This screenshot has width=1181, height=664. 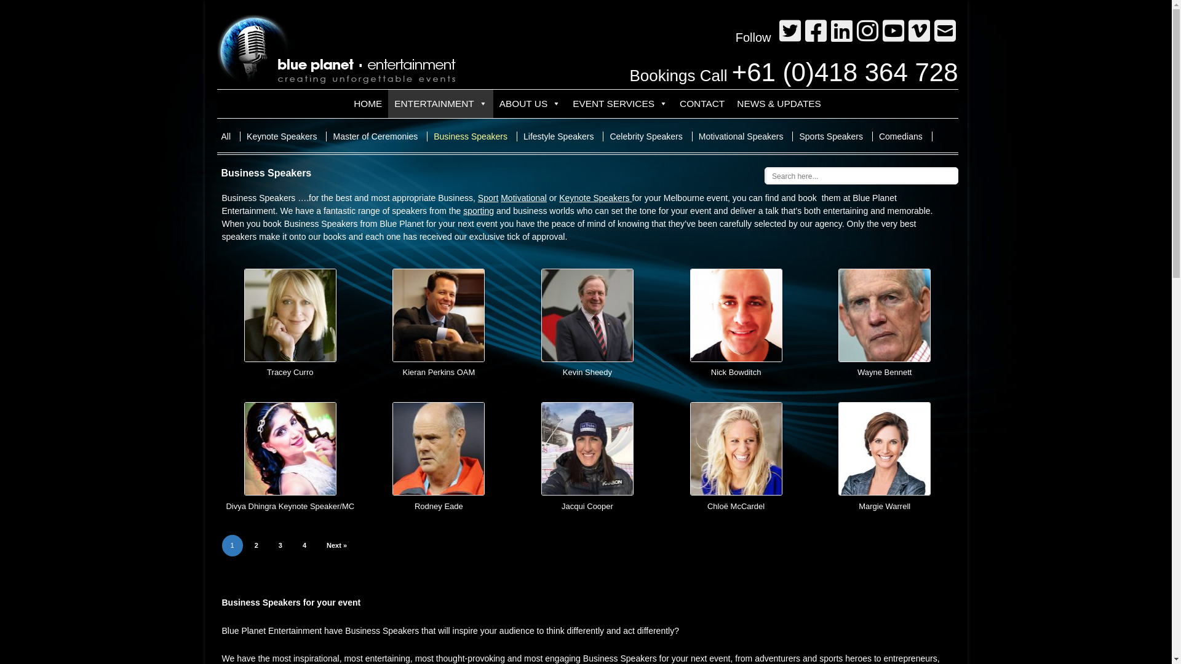 I want to click on '3', so click(x=280, y=545).